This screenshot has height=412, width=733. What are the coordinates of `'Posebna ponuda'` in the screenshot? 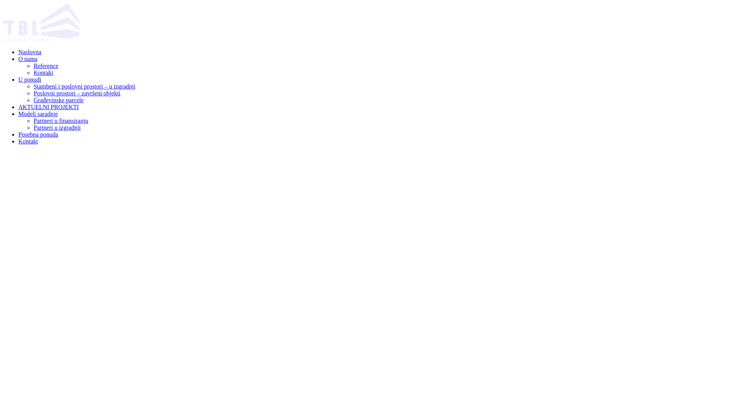 It's located at (38, 134).